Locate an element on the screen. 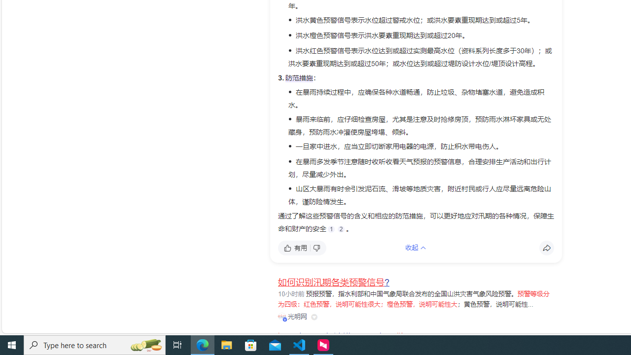 The width and height of the screenshot is (631, 355). 'Class: vip-icon_kNmNt' is located at coordinates (284, 319).